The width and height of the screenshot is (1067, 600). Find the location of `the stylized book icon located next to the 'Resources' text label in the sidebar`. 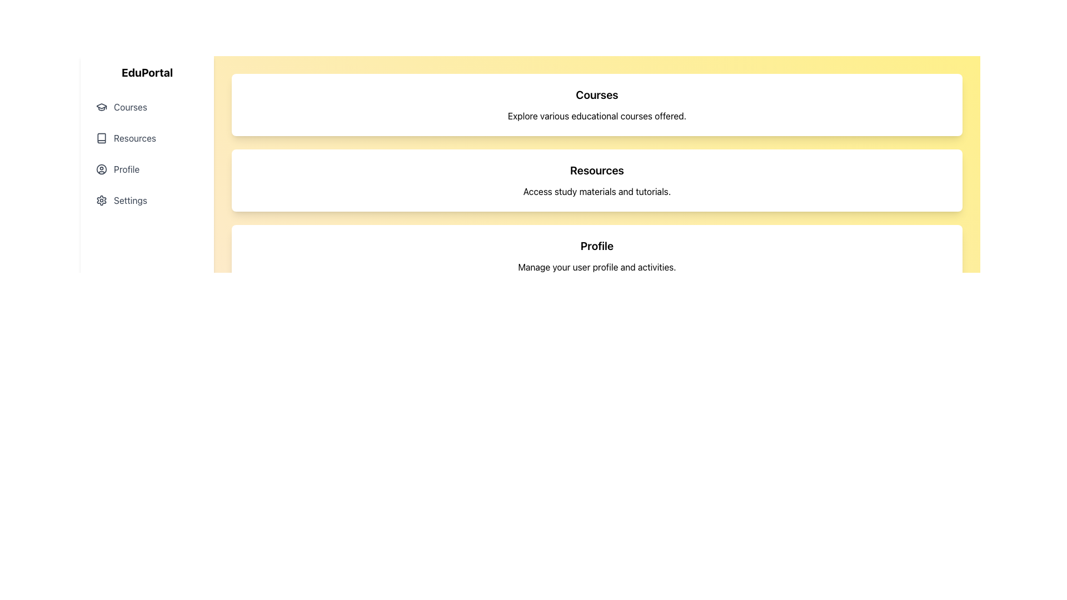

the stylized book icon located next to the 'Resources' text label in the sidebar is located at coordinates (101, 138).